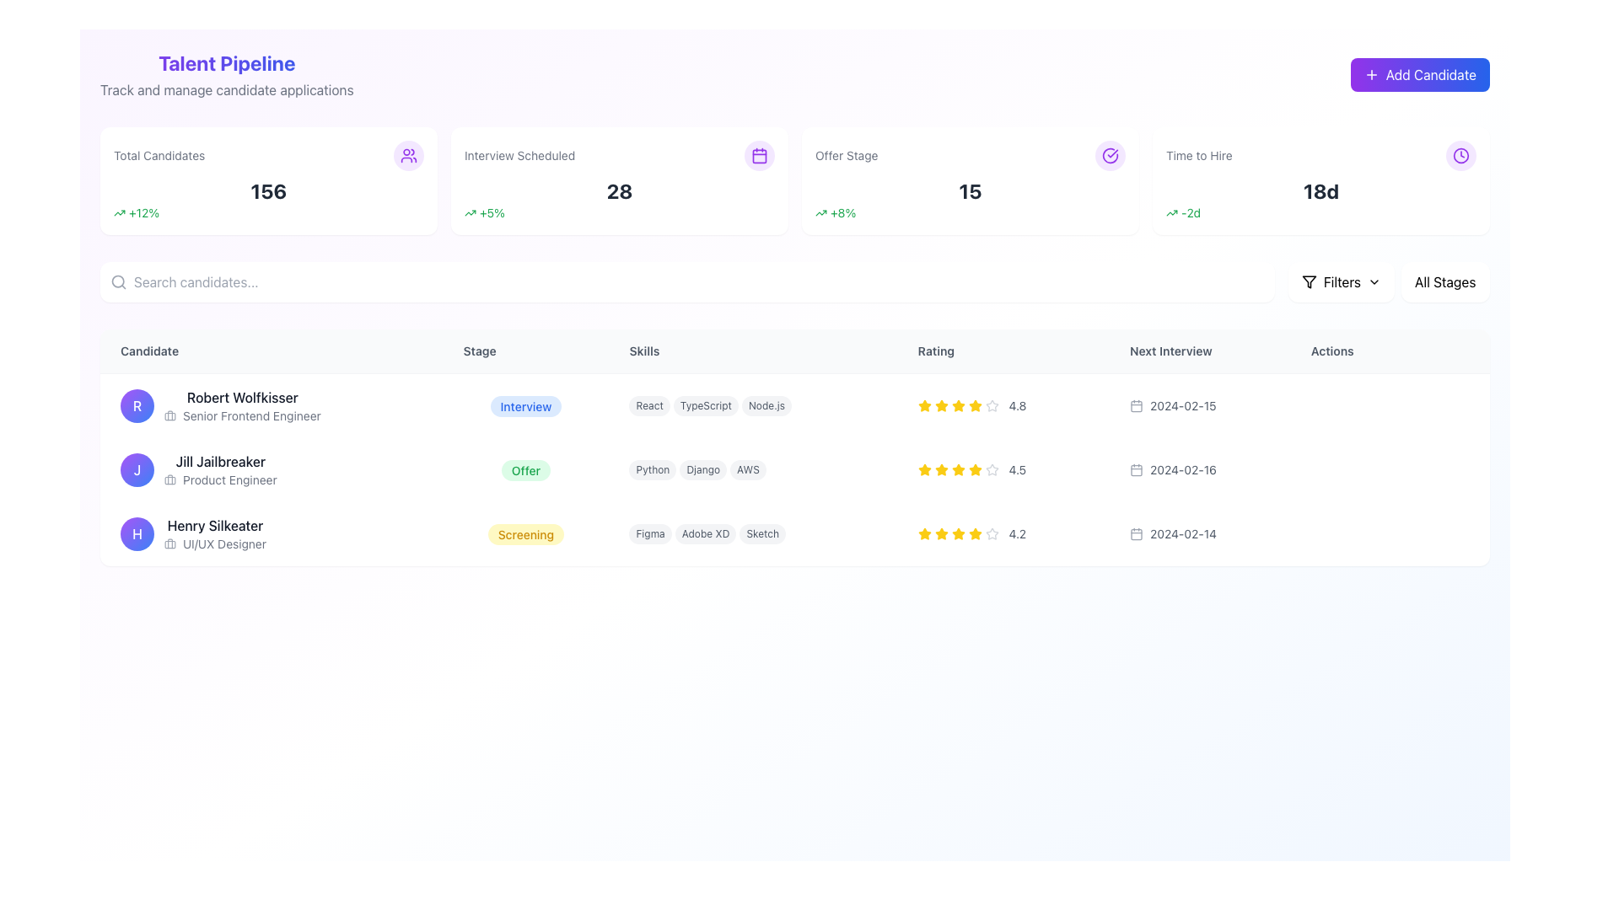 This screenshot has width=1619, height=910. I want to click on the calendar icon in the 'Next Interview' column for the candidate 'Jill Jailbreaker', which indicates the date '2024-02-16', so click(1137, 470).